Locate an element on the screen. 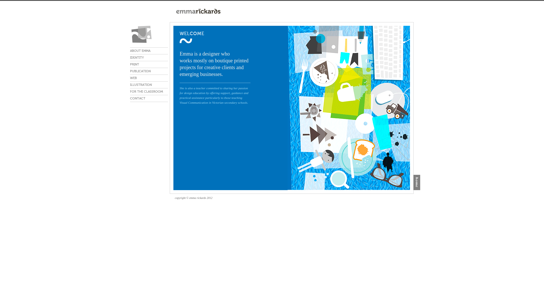 This screenshot has width=544, height=306. 'PUBLICATION' is located at coordinates (149, 71).